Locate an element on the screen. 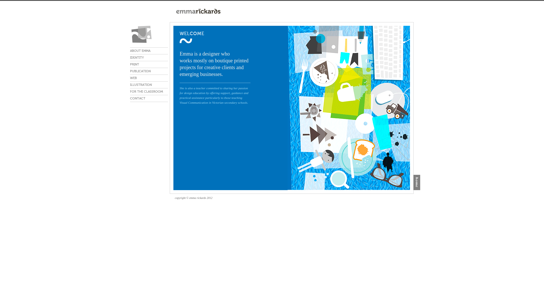 This screenshot has width=544, height=306. 'PUBLICATION' is located at coordinates (149, 71).